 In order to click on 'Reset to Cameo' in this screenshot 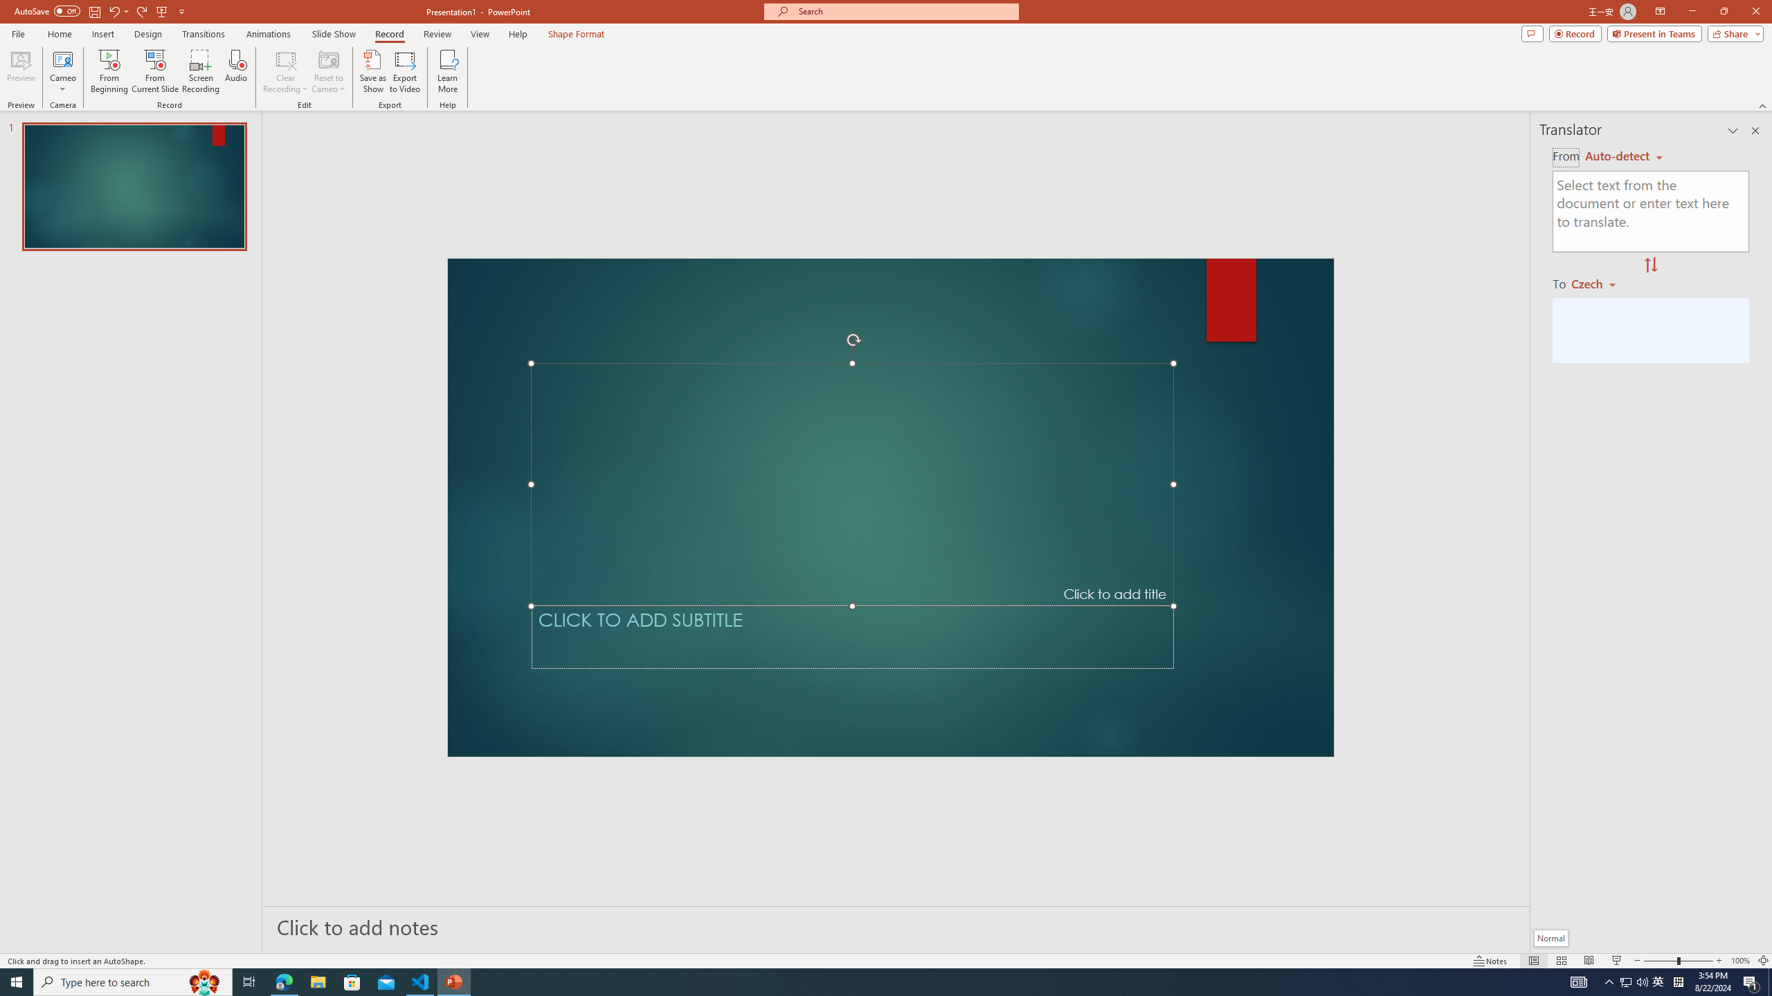, I will do `click(327, 71)`.